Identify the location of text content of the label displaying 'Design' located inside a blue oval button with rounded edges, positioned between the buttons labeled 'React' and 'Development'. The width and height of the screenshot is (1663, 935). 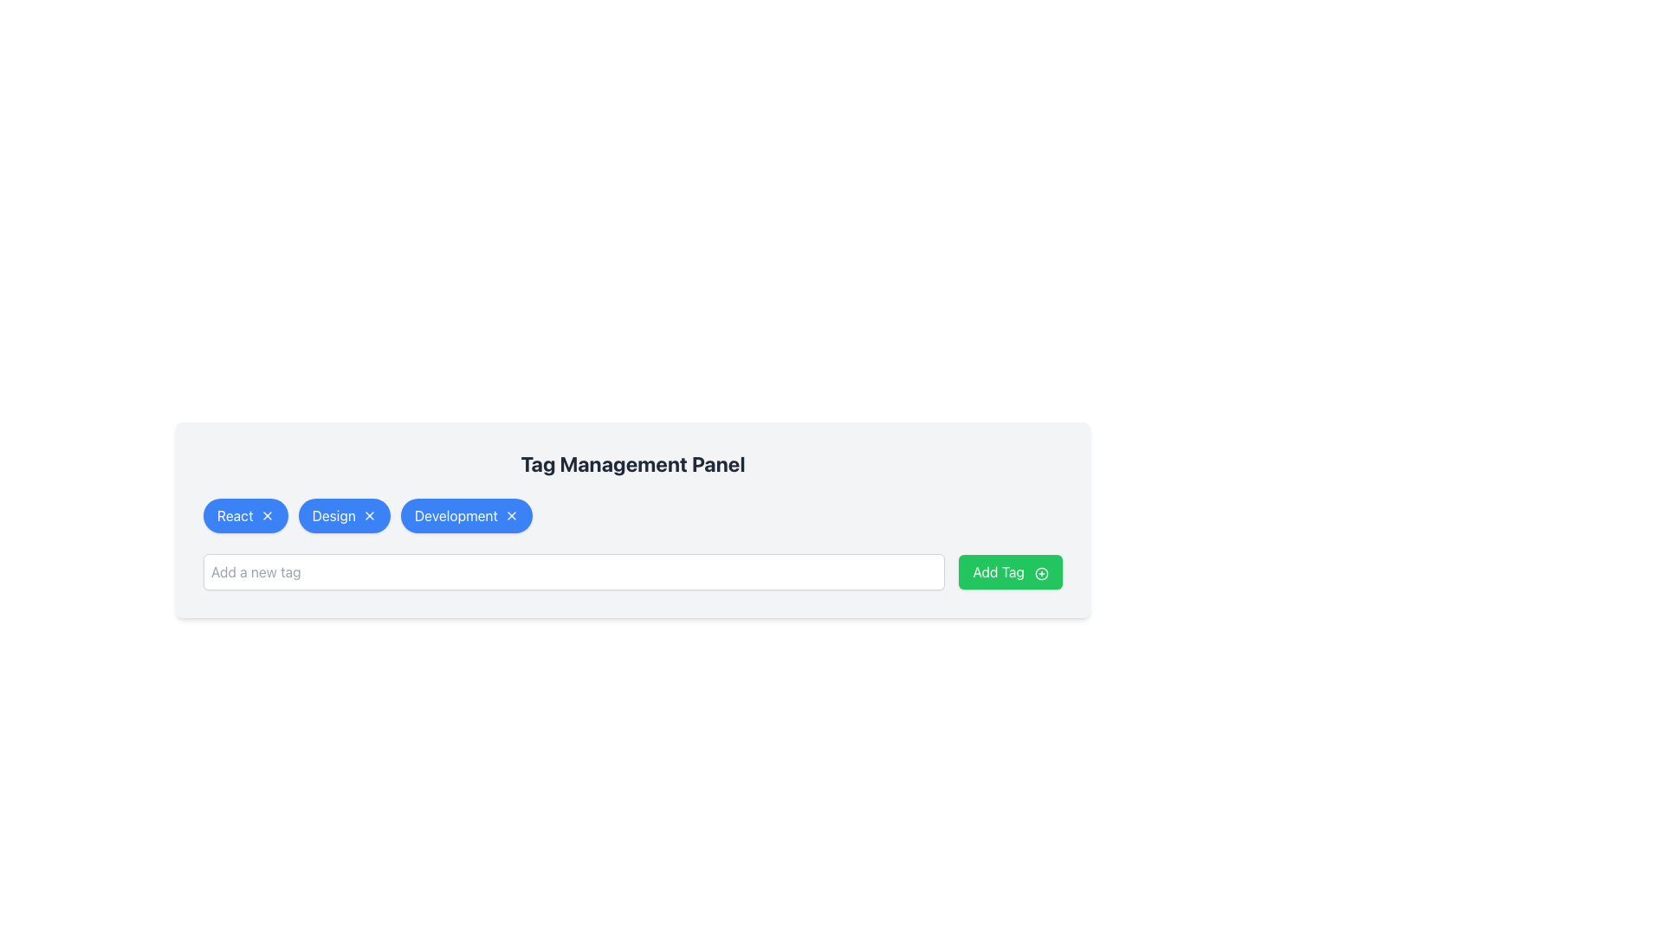
(333, 515).